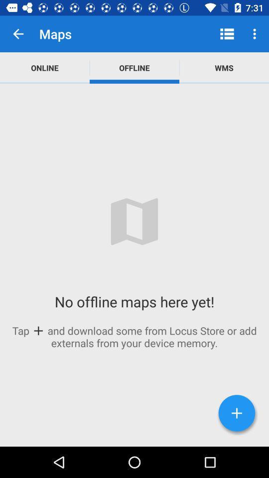 This screenshot has width=269, height=478. I want to click on app above the online item, so click(18, 34).